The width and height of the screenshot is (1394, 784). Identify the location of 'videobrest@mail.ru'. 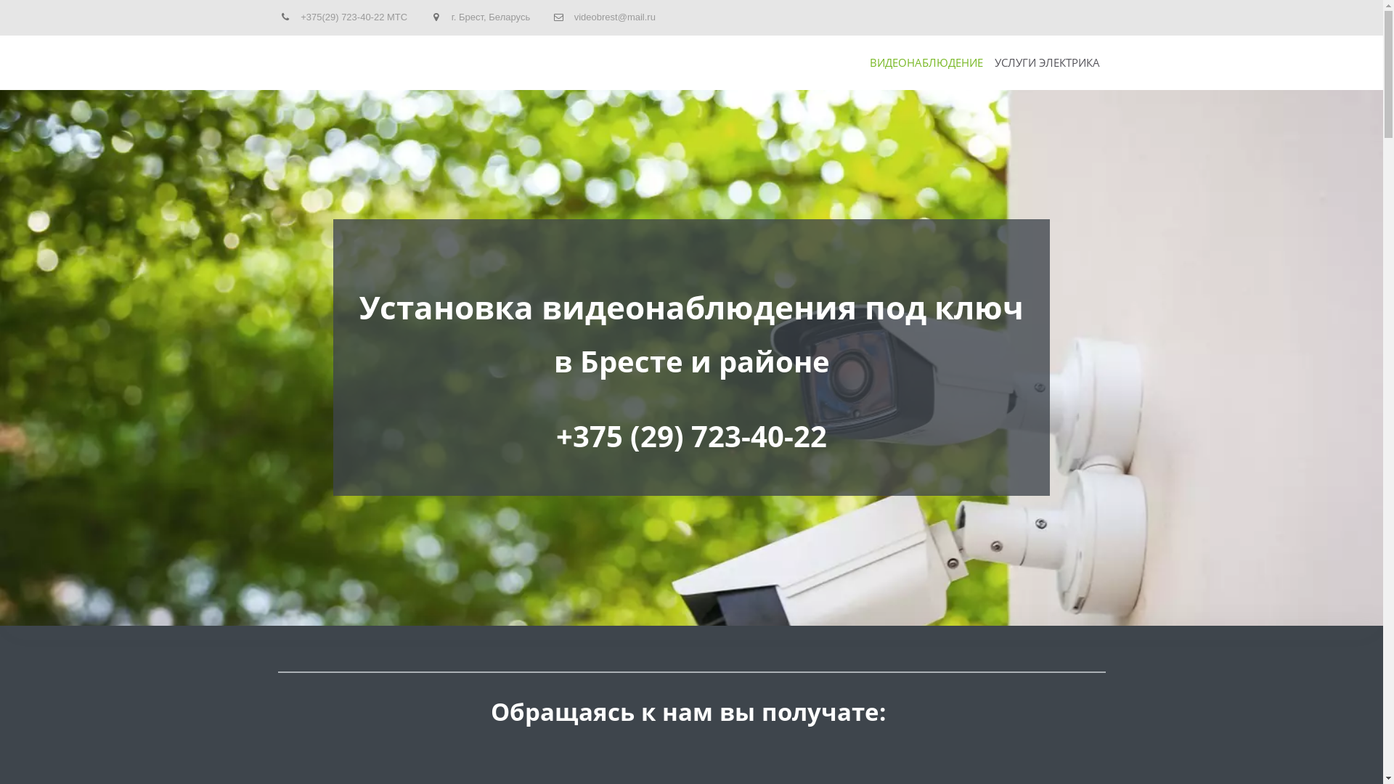
(574, 17).